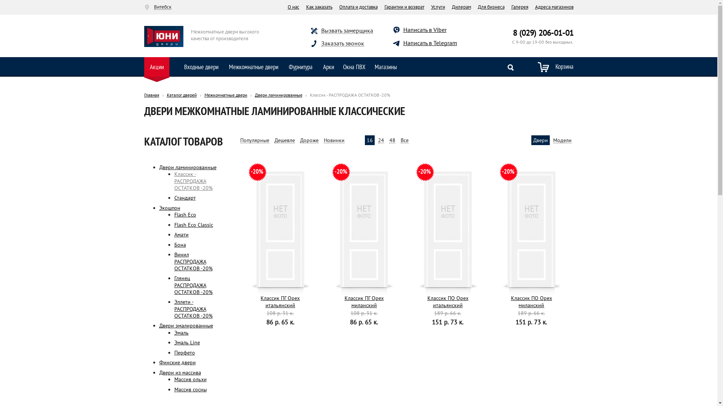 The width and height of the screenshot is (723, 406). I want to click on '16', so click(370, 140).